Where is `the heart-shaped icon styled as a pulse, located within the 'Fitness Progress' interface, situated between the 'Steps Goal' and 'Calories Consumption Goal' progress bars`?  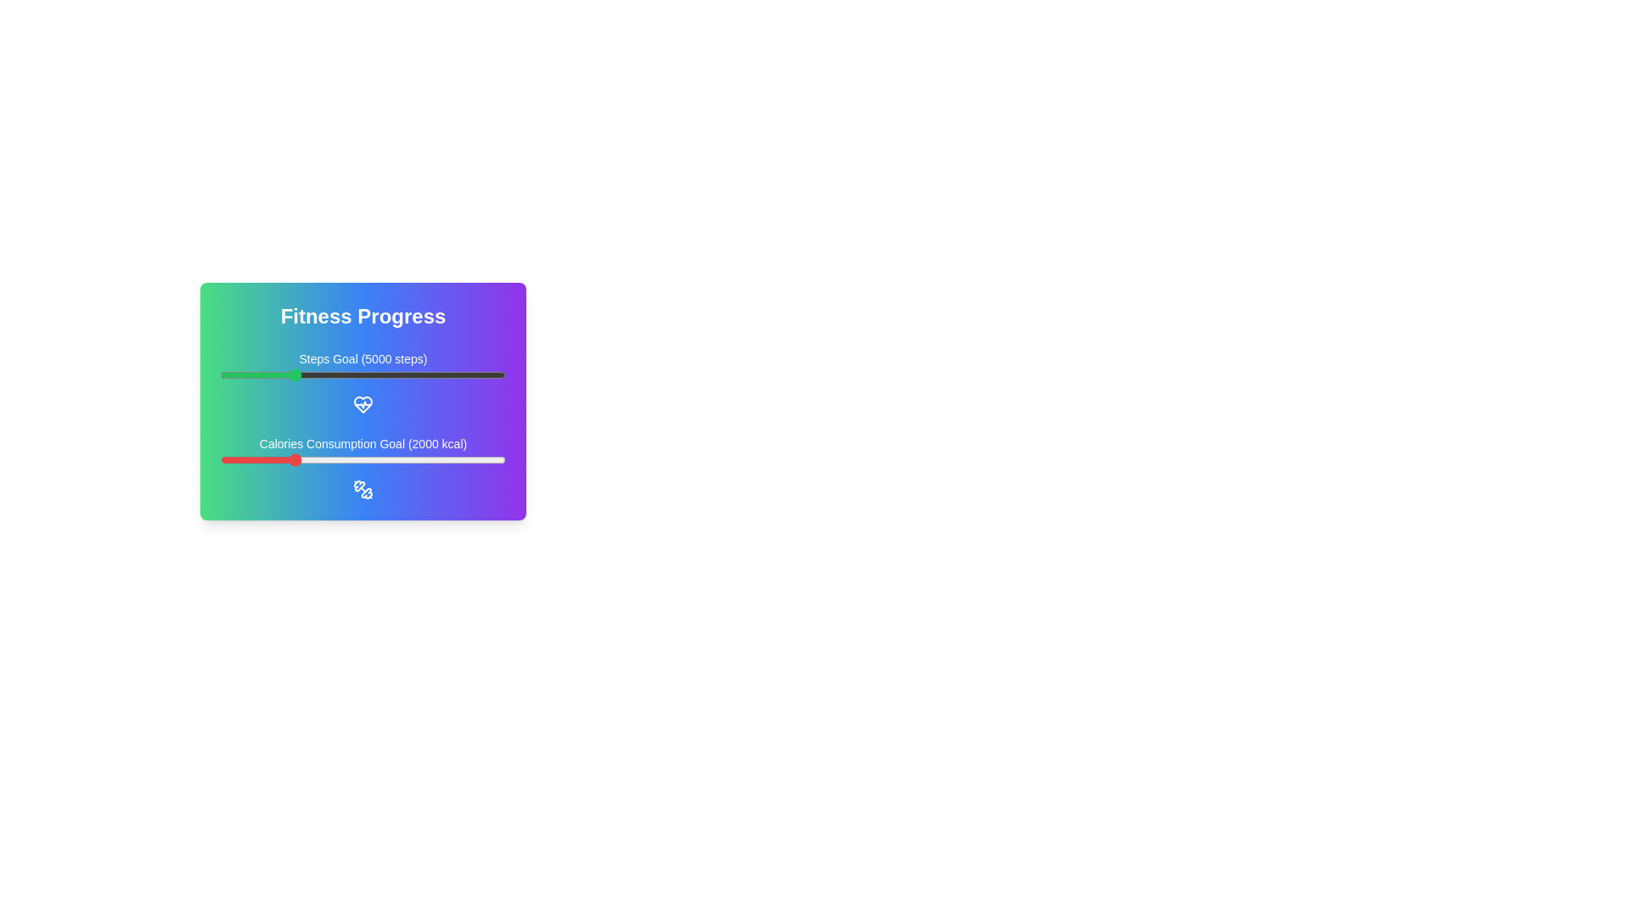
the heart-shaped icon styled as a pulse, located within the 'Fitness Progress' interface, situated between the 'Steps Goal' and 'Calories Consumption Goal' progress bars is located at coordinates (362, 405).